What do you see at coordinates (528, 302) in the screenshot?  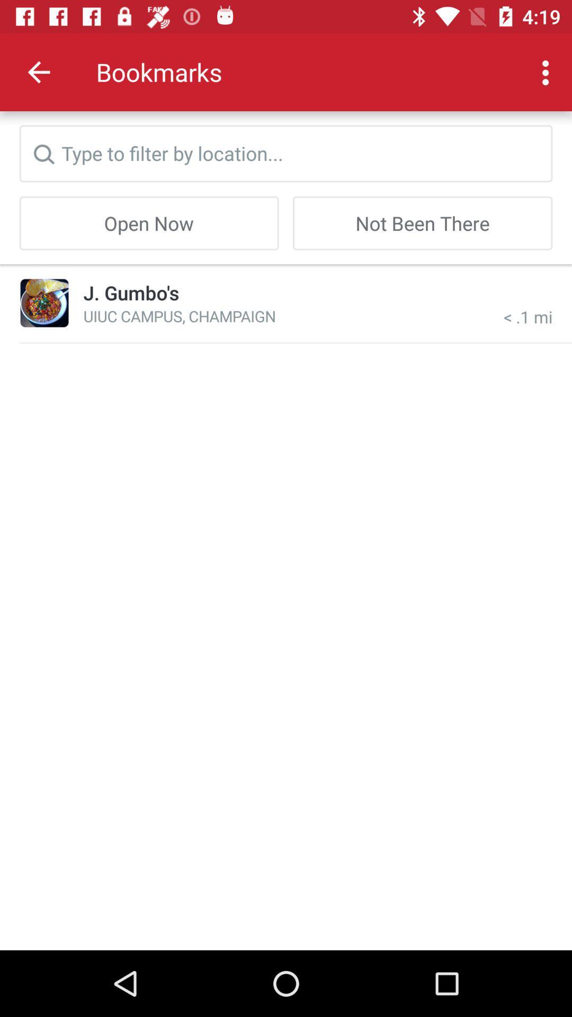 I see `the < .1 mi icon` at bounding box center [528, 302].